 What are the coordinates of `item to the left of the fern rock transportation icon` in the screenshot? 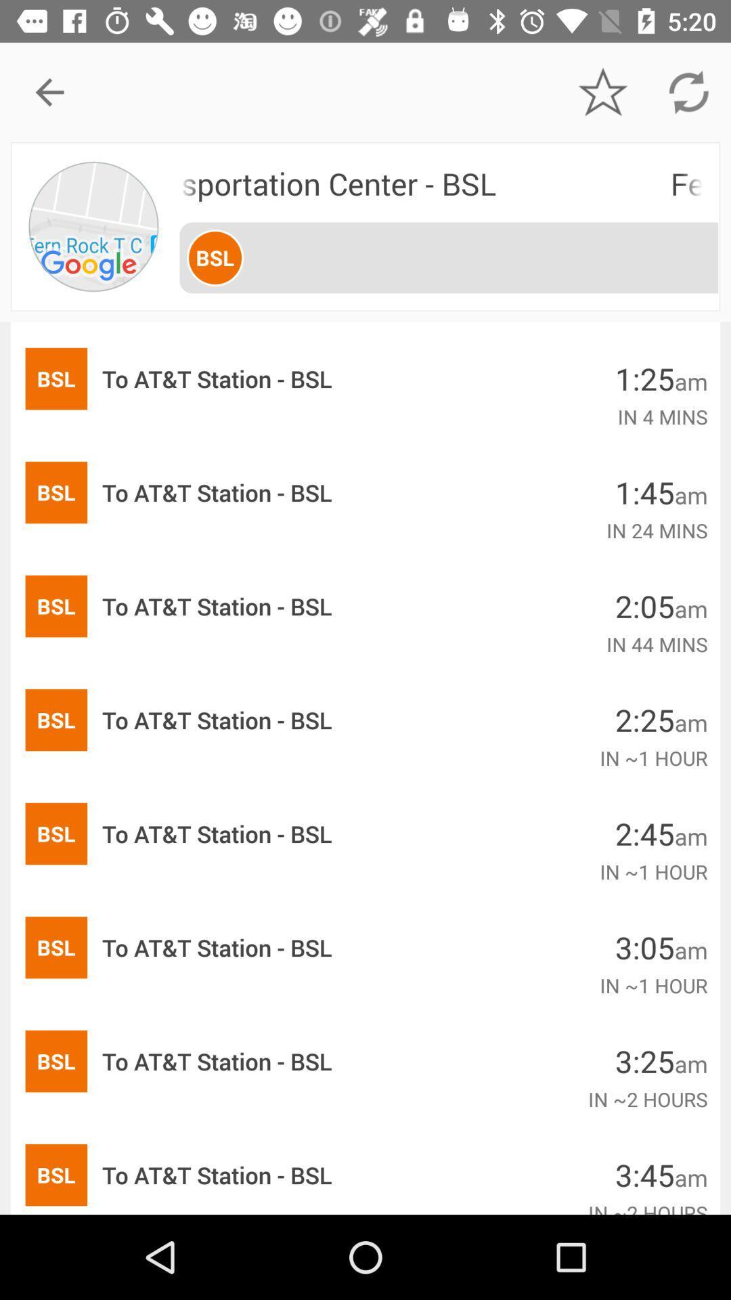 It's located at (94, 226).